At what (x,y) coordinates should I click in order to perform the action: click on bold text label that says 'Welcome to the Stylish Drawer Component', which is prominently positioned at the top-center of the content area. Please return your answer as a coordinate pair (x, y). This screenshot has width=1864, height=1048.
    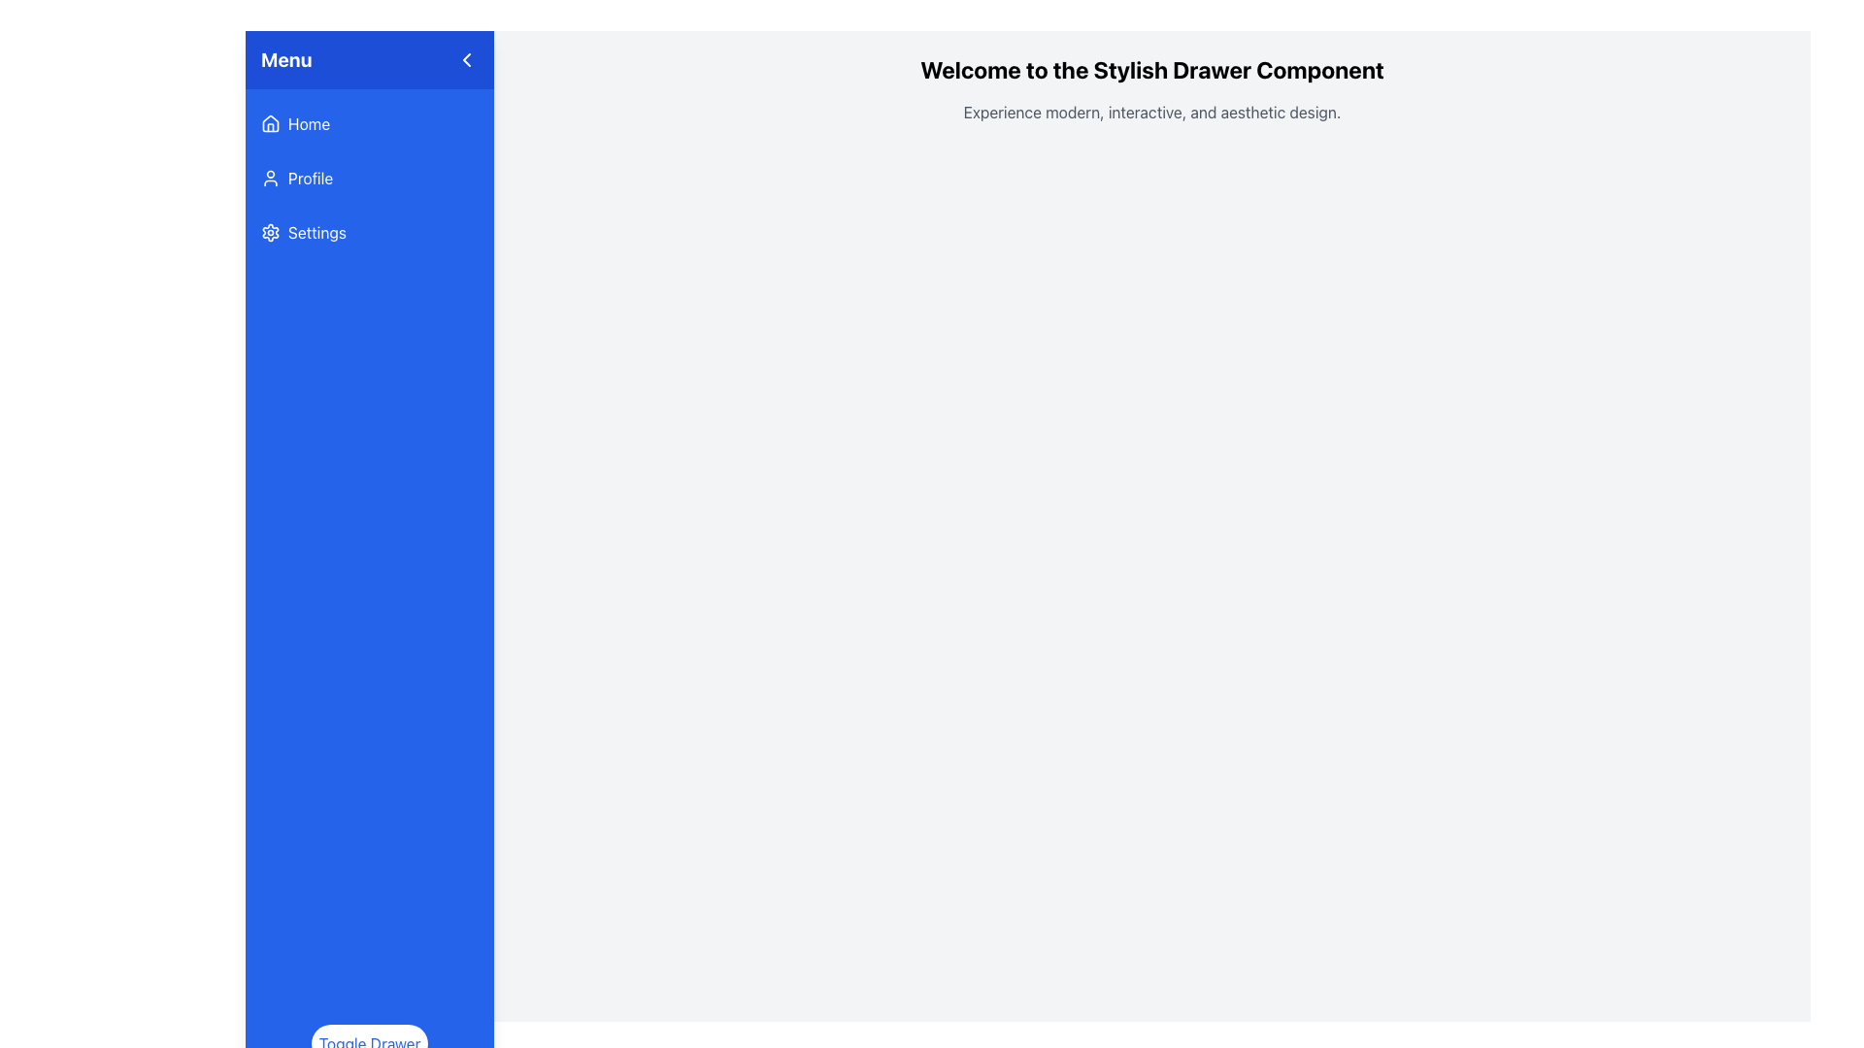
    Looking at the image, I should click on (1151, 69).